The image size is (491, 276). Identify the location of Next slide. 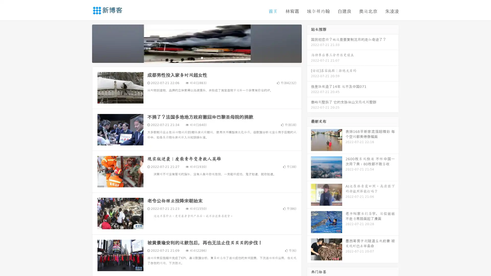
(309, 43).